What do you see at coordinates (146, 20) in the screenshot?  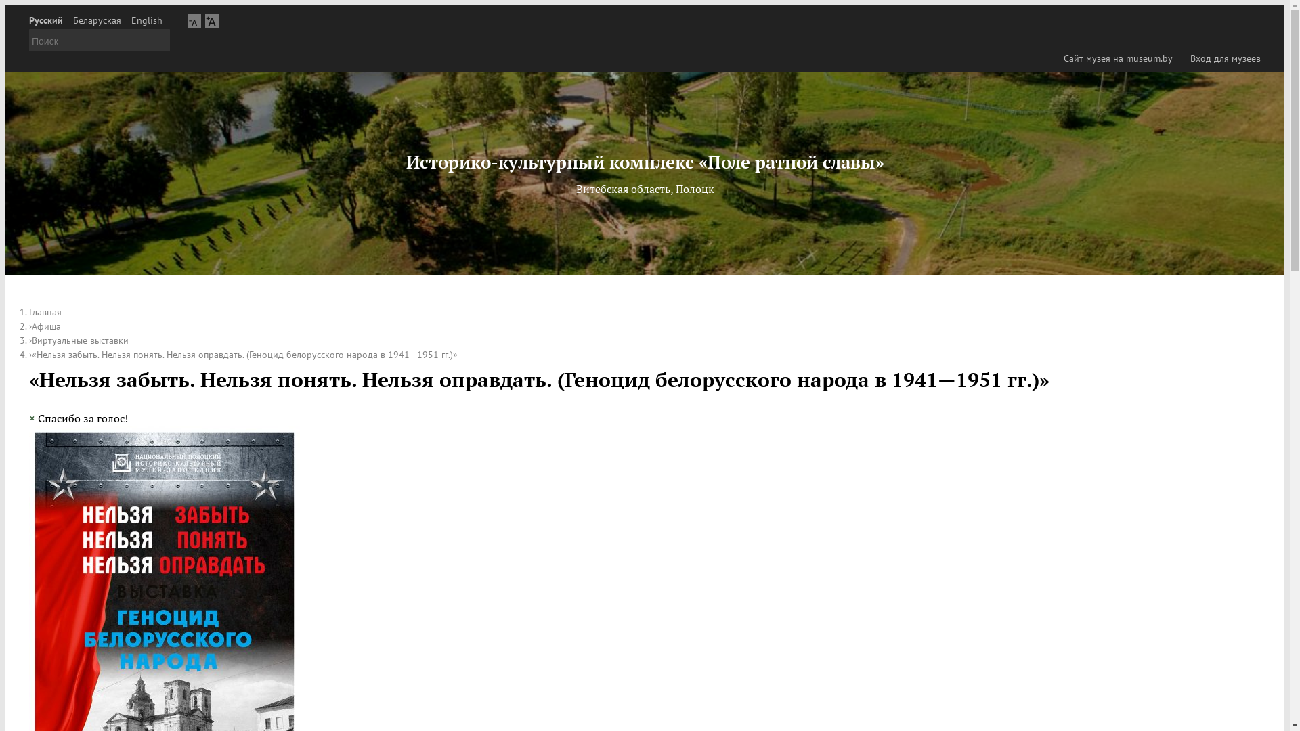 I see `'English'` at bounding box center [146, 20].